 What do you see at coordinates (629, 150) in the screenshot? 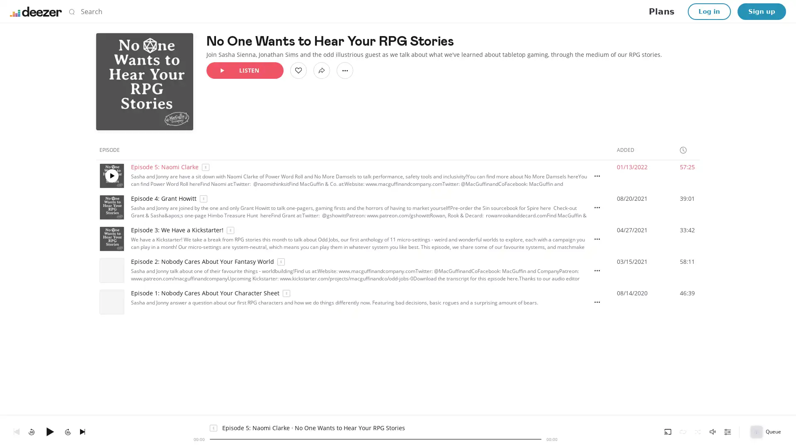
I see `ADDED` at bounding box center [629, 150].